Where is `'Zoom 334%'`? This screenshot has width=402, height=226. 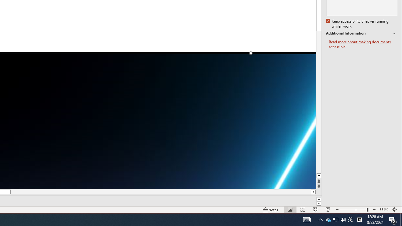
'Zoom 334%' is located at coordinates (383, 210).